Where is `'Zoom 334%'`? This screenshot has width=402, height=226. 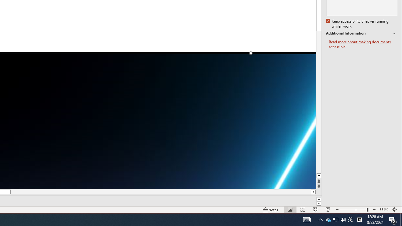
'Zoom 334%' is located at coordinates (383, 210).